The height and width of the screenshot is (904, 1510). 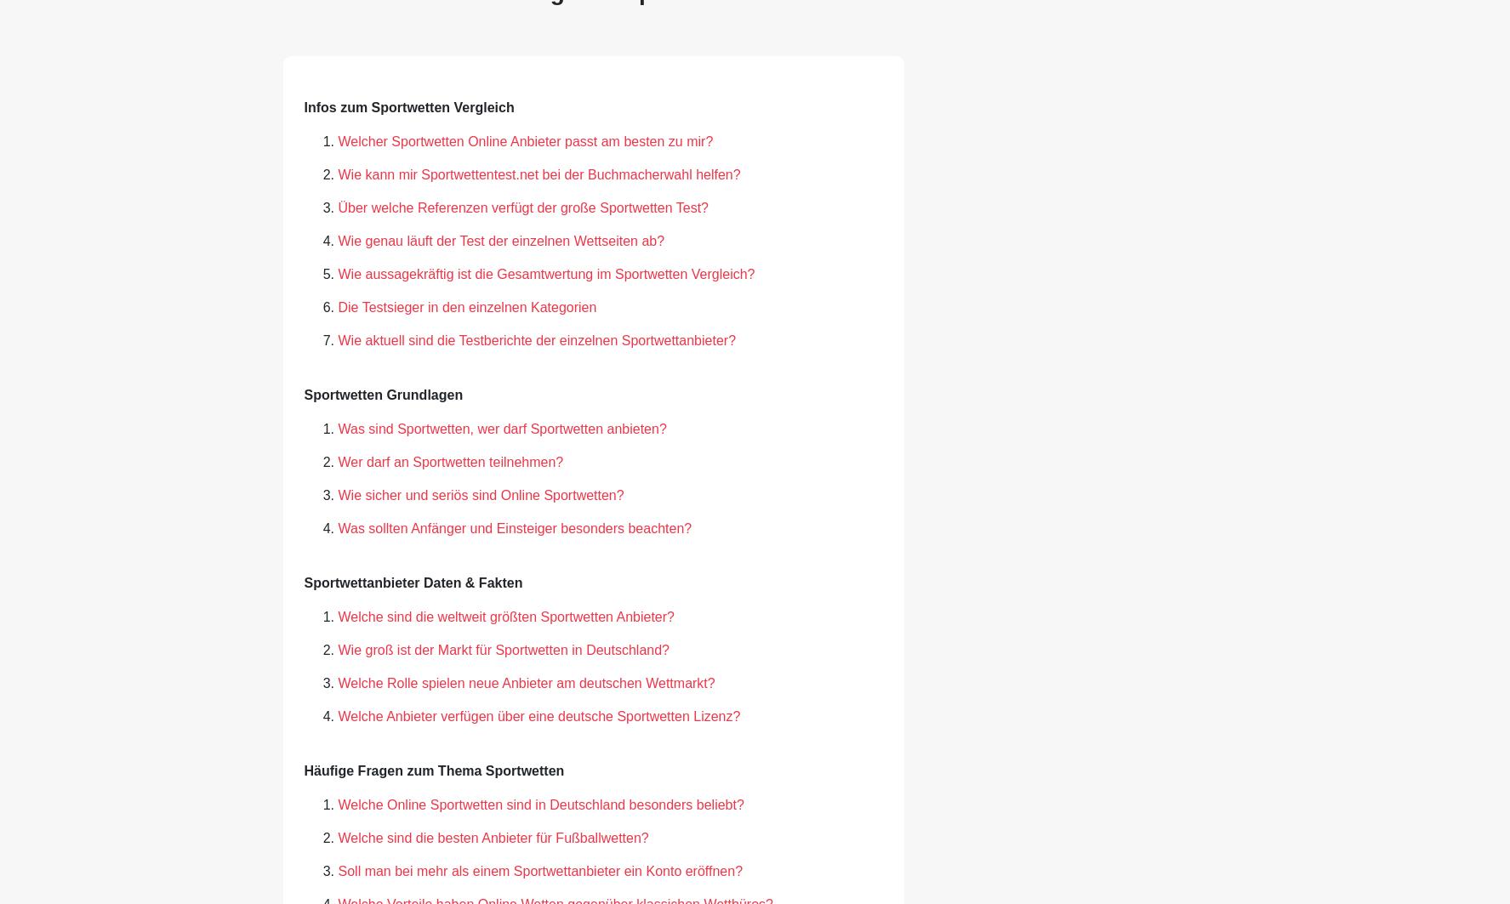 What do you see at coordinates (540, 803) in the screenshot?
I see `'Welche Online Sportwetten sind in Deutschland besonders beliebt?'` at bounding box center [540, 803].